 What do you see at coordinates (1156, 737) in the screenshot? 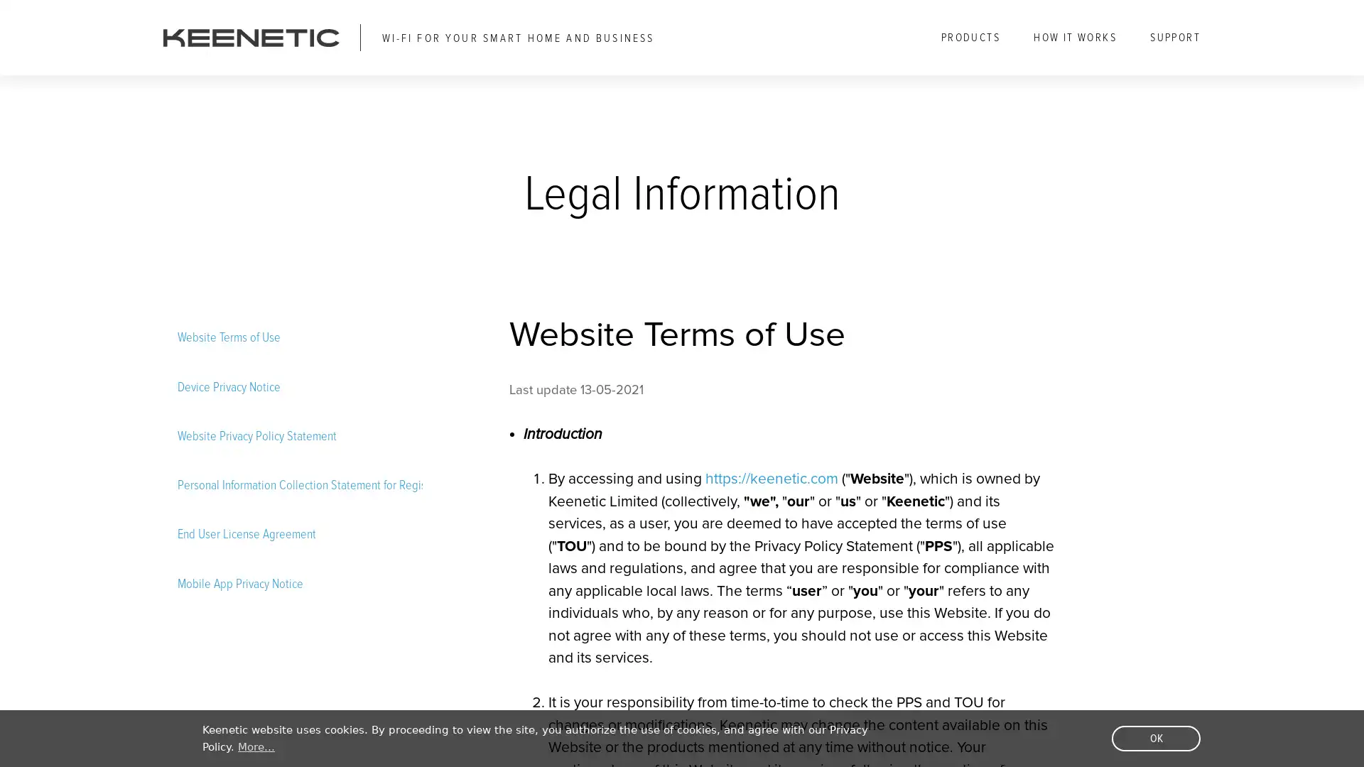
I see `dismiss cookie message` at bounding box center [1156, 737].